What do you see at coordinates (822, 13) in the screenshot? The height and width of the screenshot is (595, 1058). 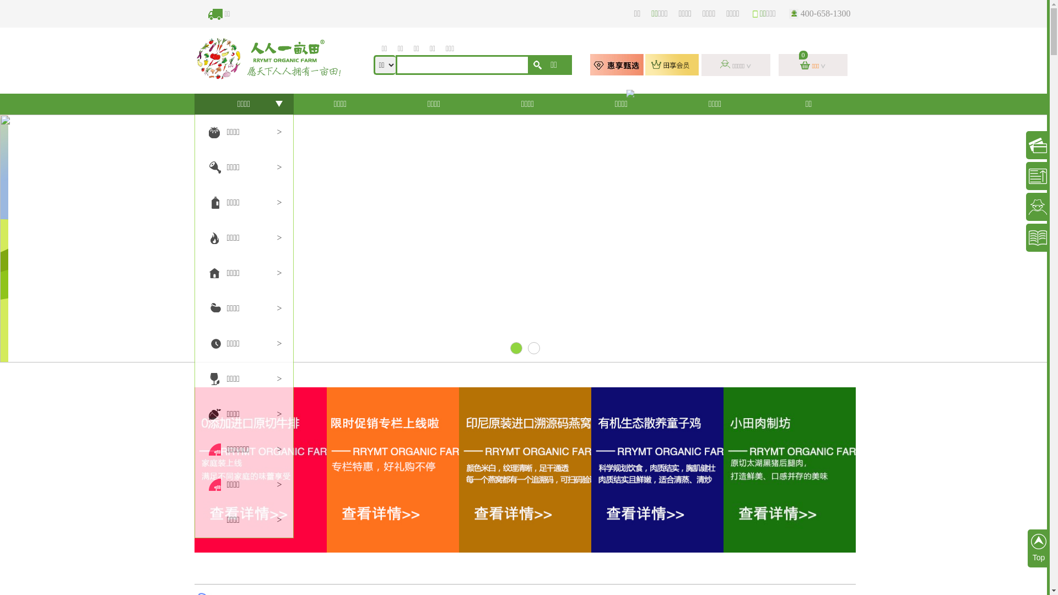 I see `'400-658-1300'` at bounding box center [822, 13].